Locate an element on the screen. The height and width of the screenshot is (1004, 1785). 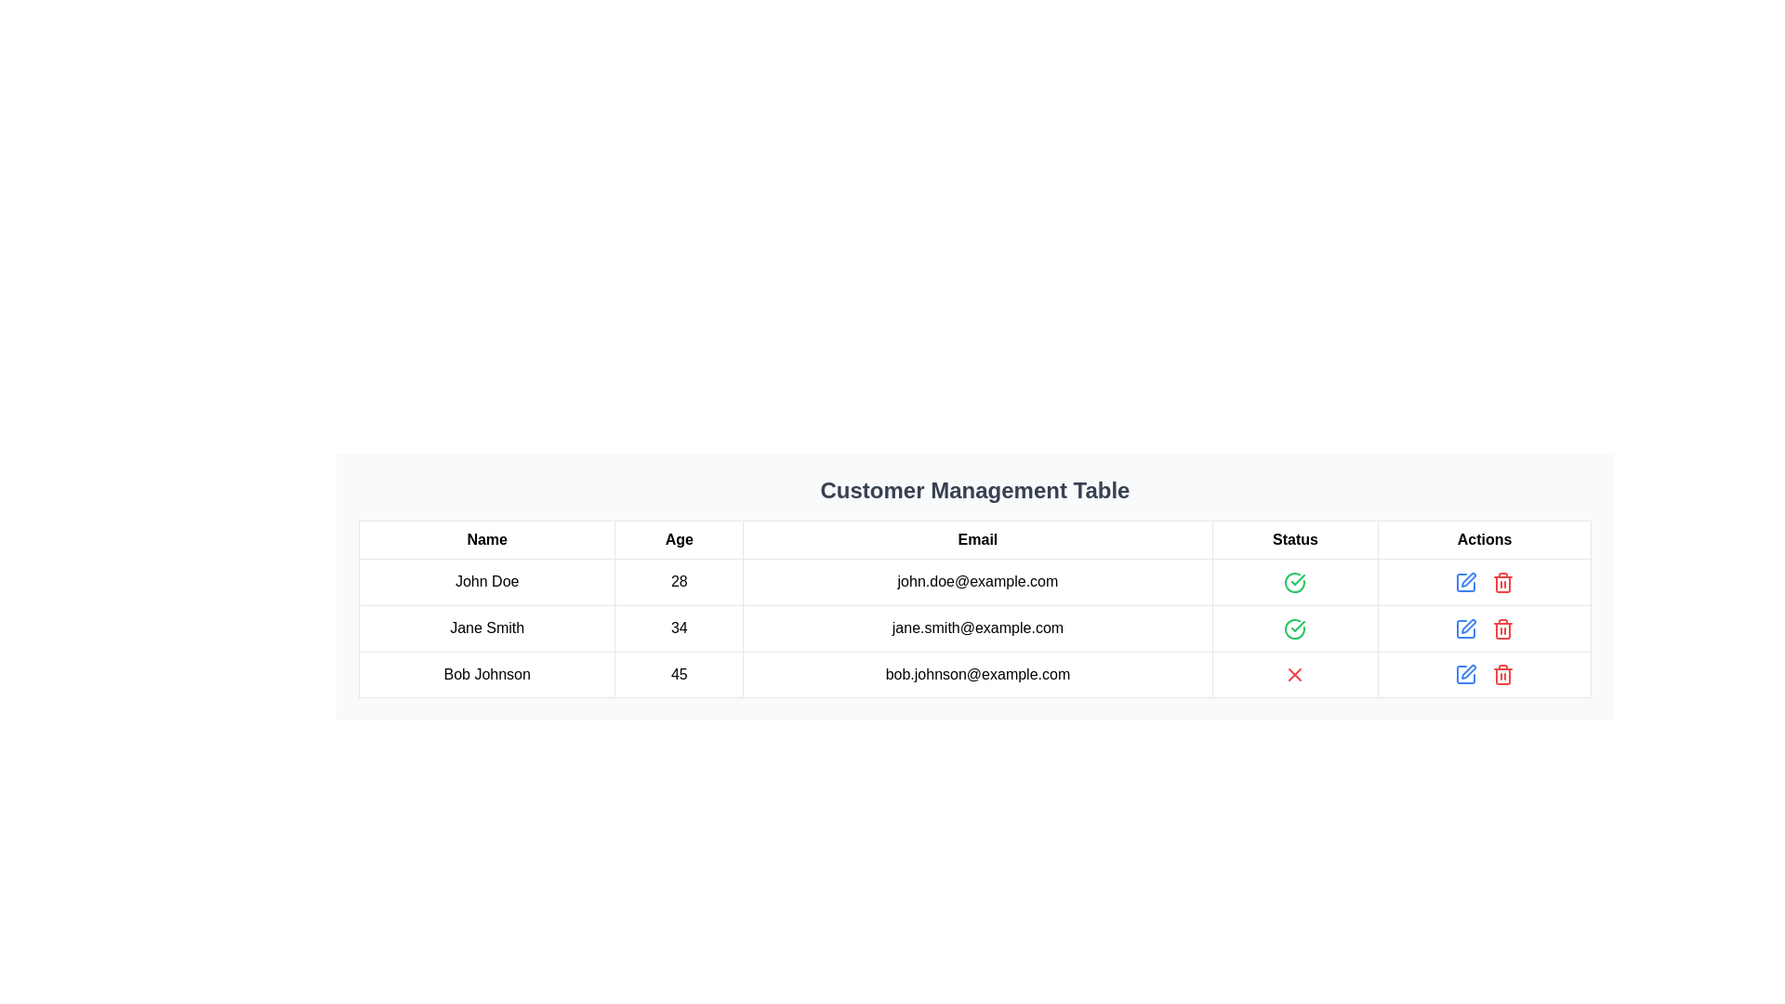
the edit icon button in the 'Actions' column of the third row, which is associated with the data entry for Bob Johnson is located at coordinates (1465, 627).